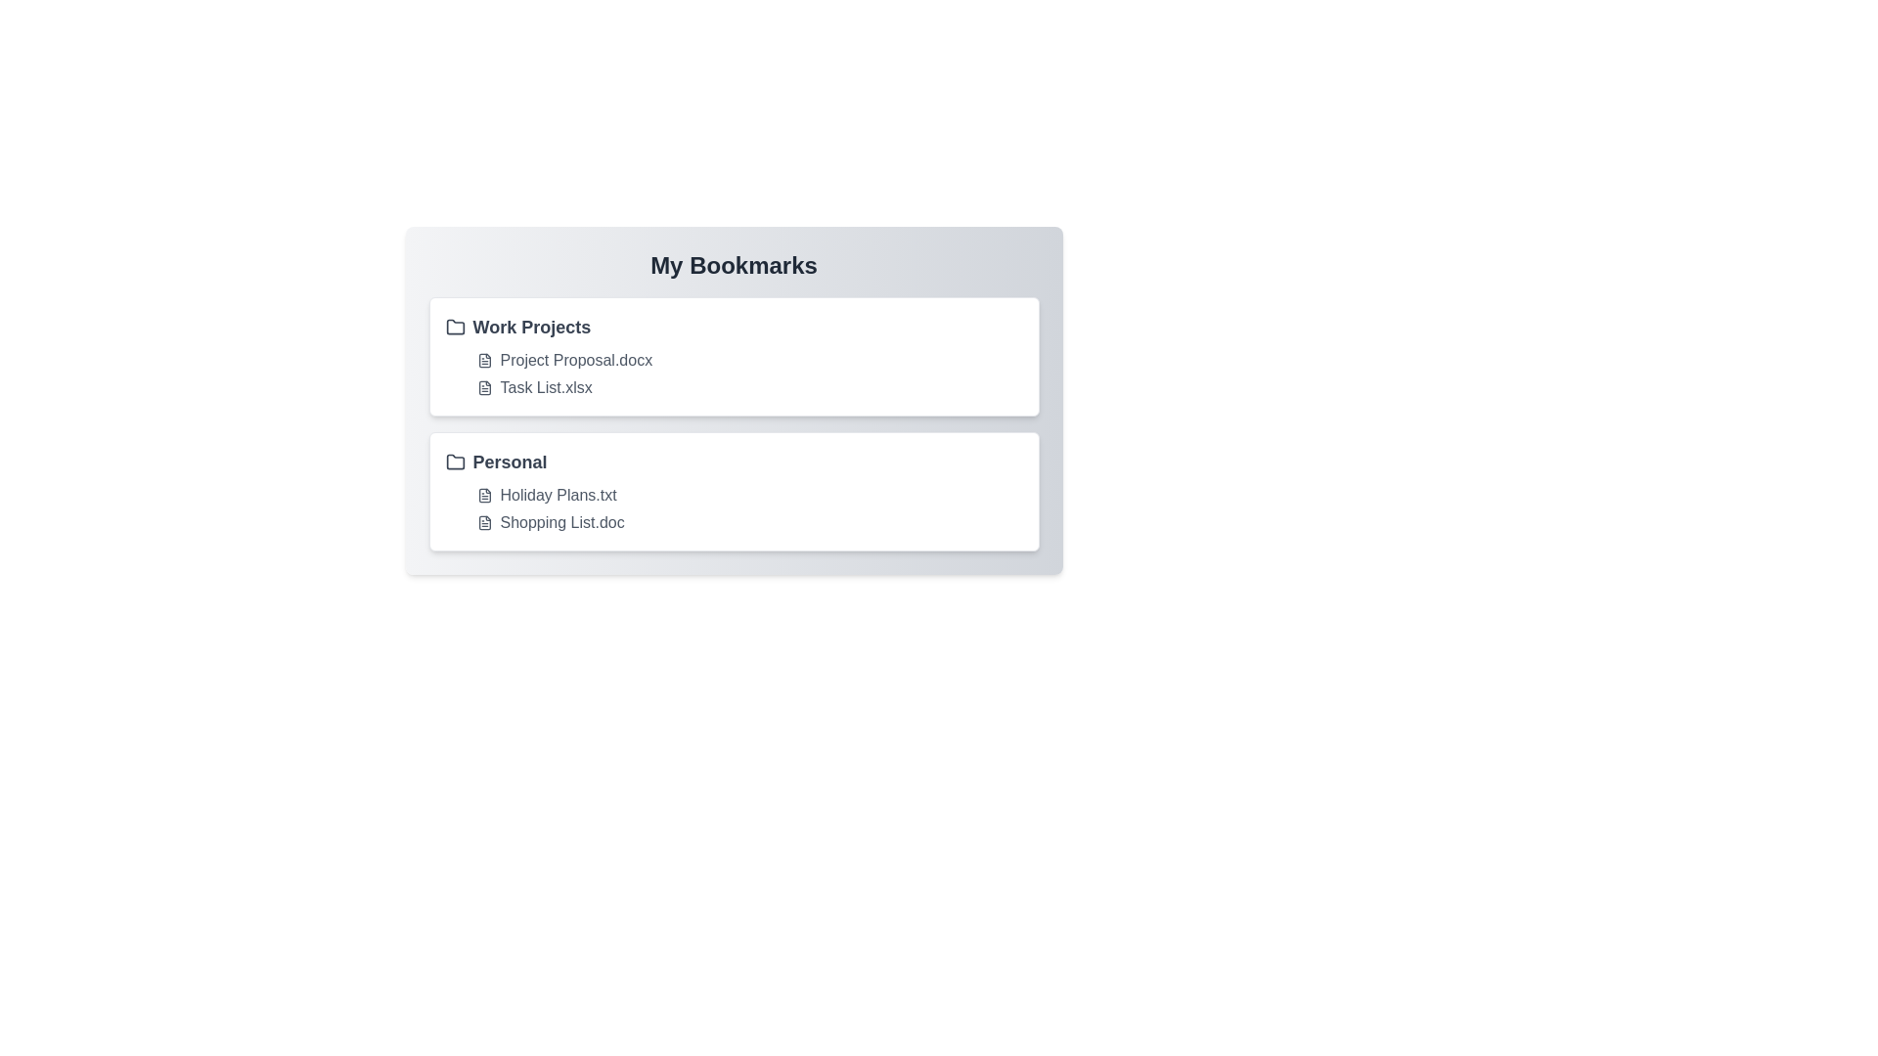  Describe the element at coordinates (546, 388) in the screenshot. I see `the label representing the file name in the list under 'Work Projects', located between 'Project Proposal.docx' and the 'Personal' section` at that location.